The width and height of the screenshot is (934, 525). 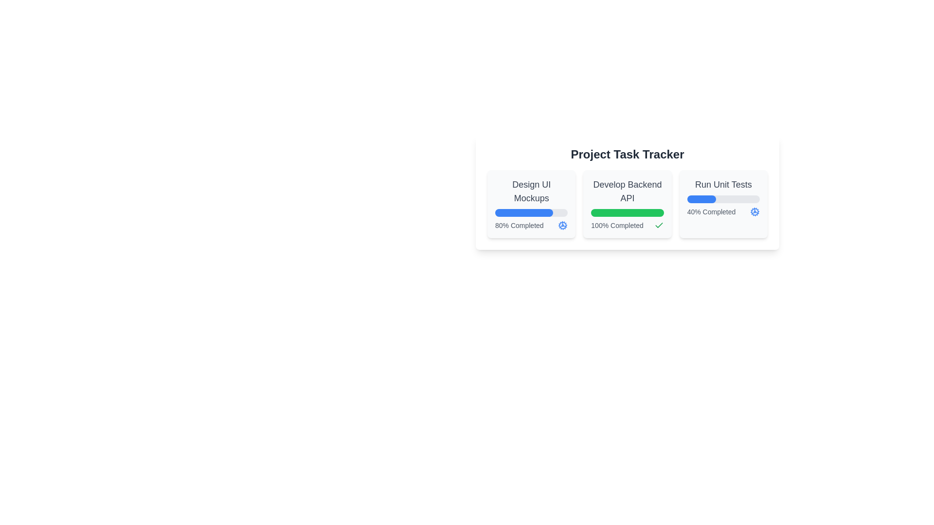 What do you see at coordinates (628, 212) in the screenshot?
I see `the progress bar with rounded edges that is fully filled green, located in the 'Develop Backend API' section, centered below the heading 'Develop Backend API' and above the label '100% Completed'` at bounding box center [628, 212].